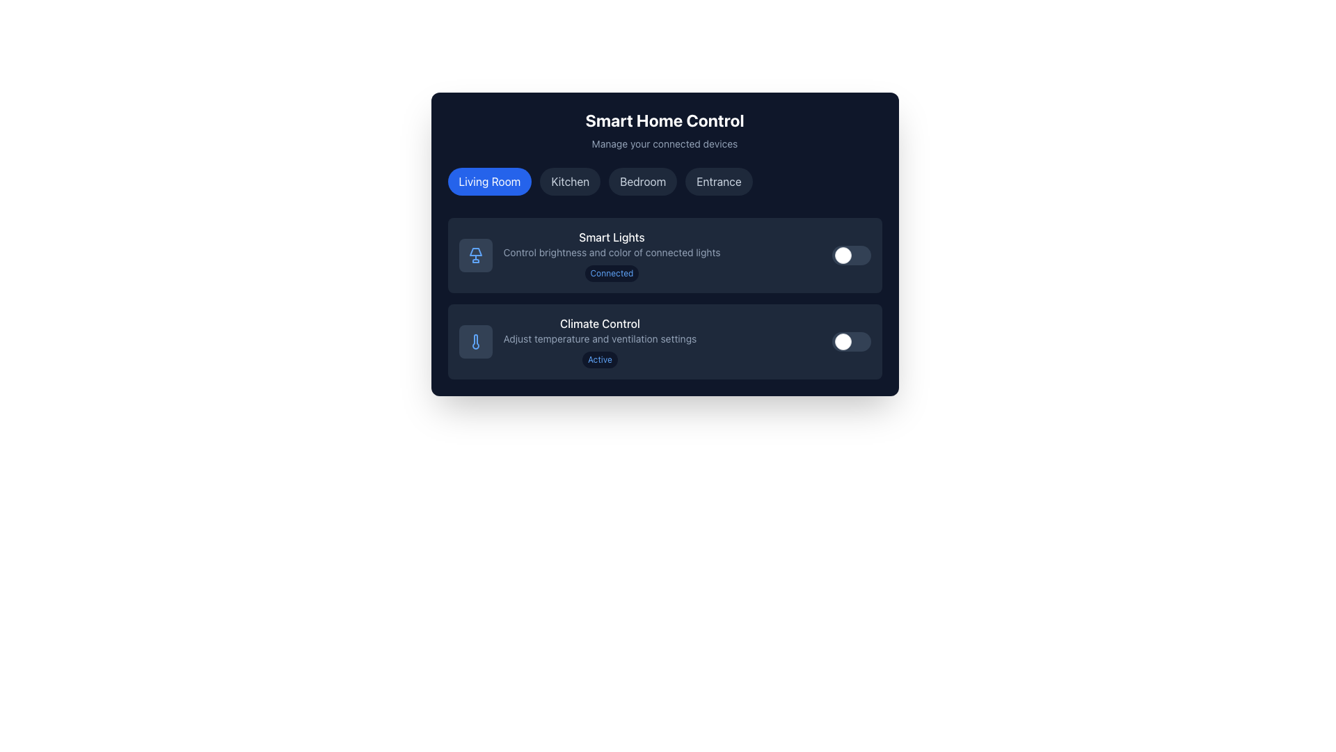 Image resolution: width=1336 pixels, height=752 pixels. Describe the element at coordinates (612, 236) in the screenshot. I see `the 'Smart Lights' label, which displays white text prominently within a dark background panel, located in the top section of the lower panel` at that location.